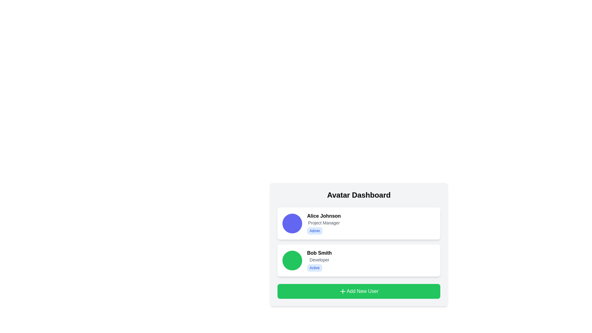  I want to click on the 'Active' badge element styled with blue font color that is located within Bob Smith's card, positioned below the 'Developer' text, so click(314, 267).